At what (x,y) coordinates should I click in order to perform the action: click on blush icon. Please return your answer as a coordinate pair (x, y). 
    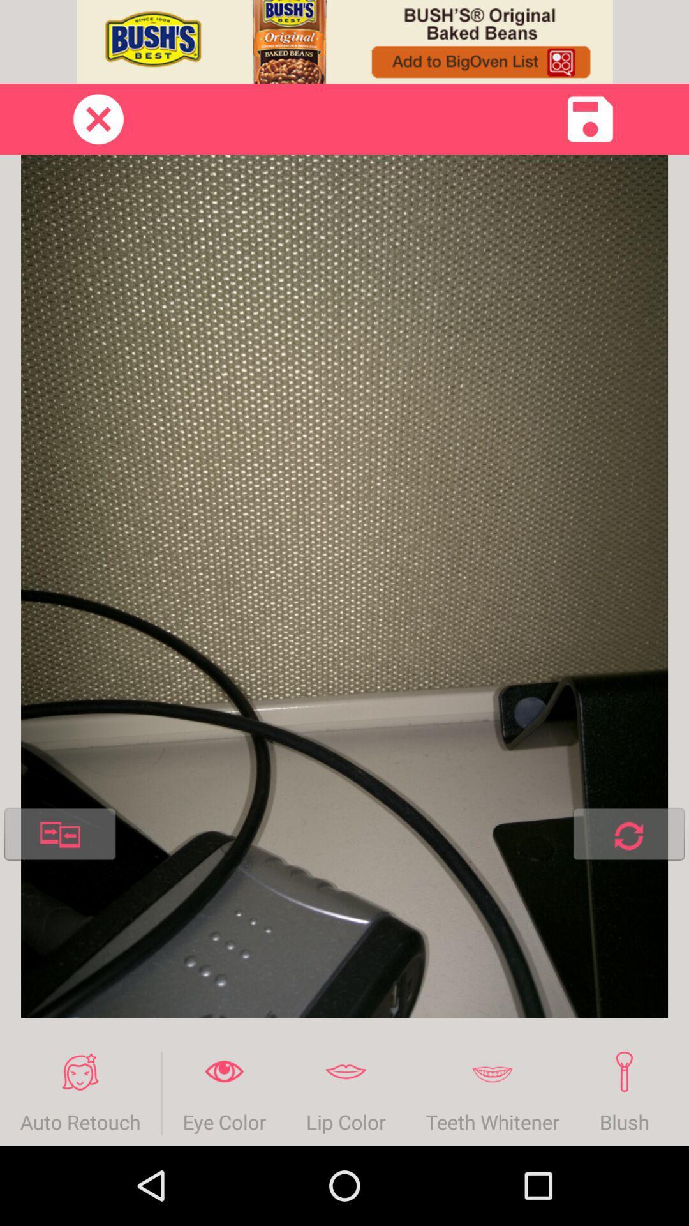
    Looking at the image, I should click on (623, 1093).